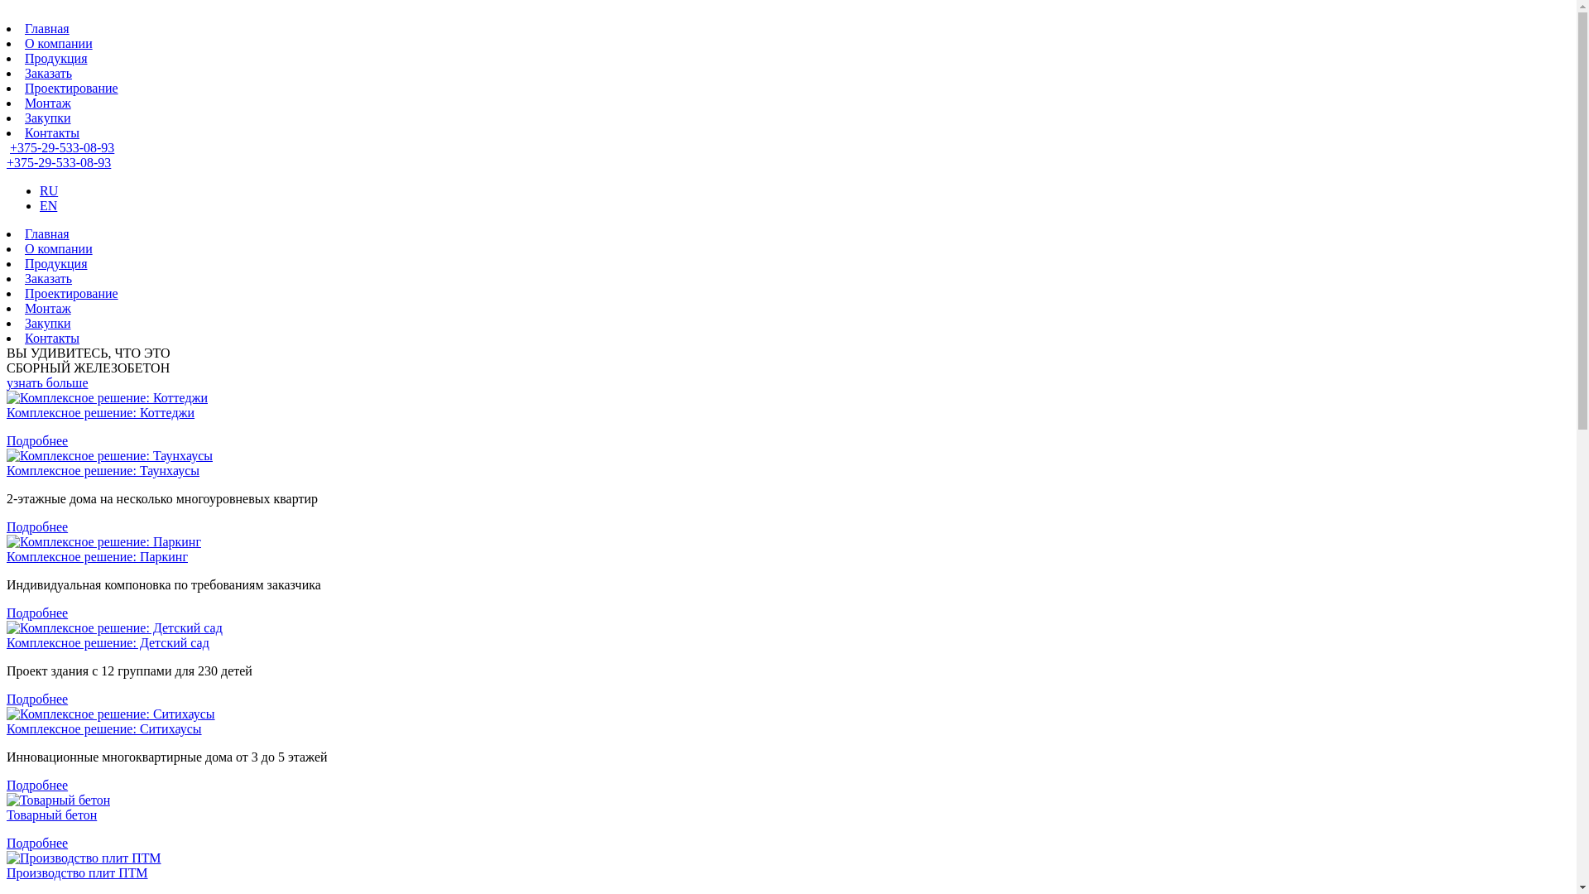  Describe the element at coordinates (62, 147) in the screenshot. I see `'+375-29-533-08-93'` at that location.